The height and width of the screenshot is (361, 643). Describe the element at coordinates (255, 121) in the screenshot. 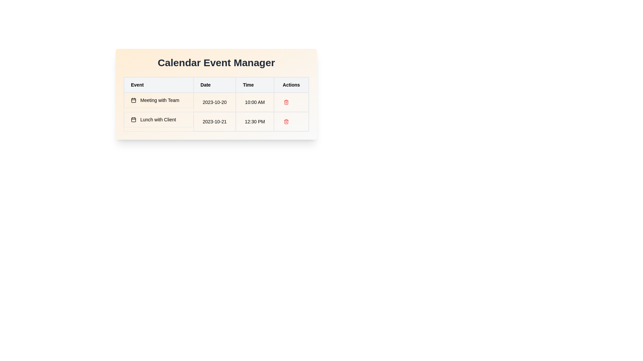

I see `time displayed in the 'Time' column of the second row for the 'Lunch with Client' event, which shows '12:30 PM'` at that location.